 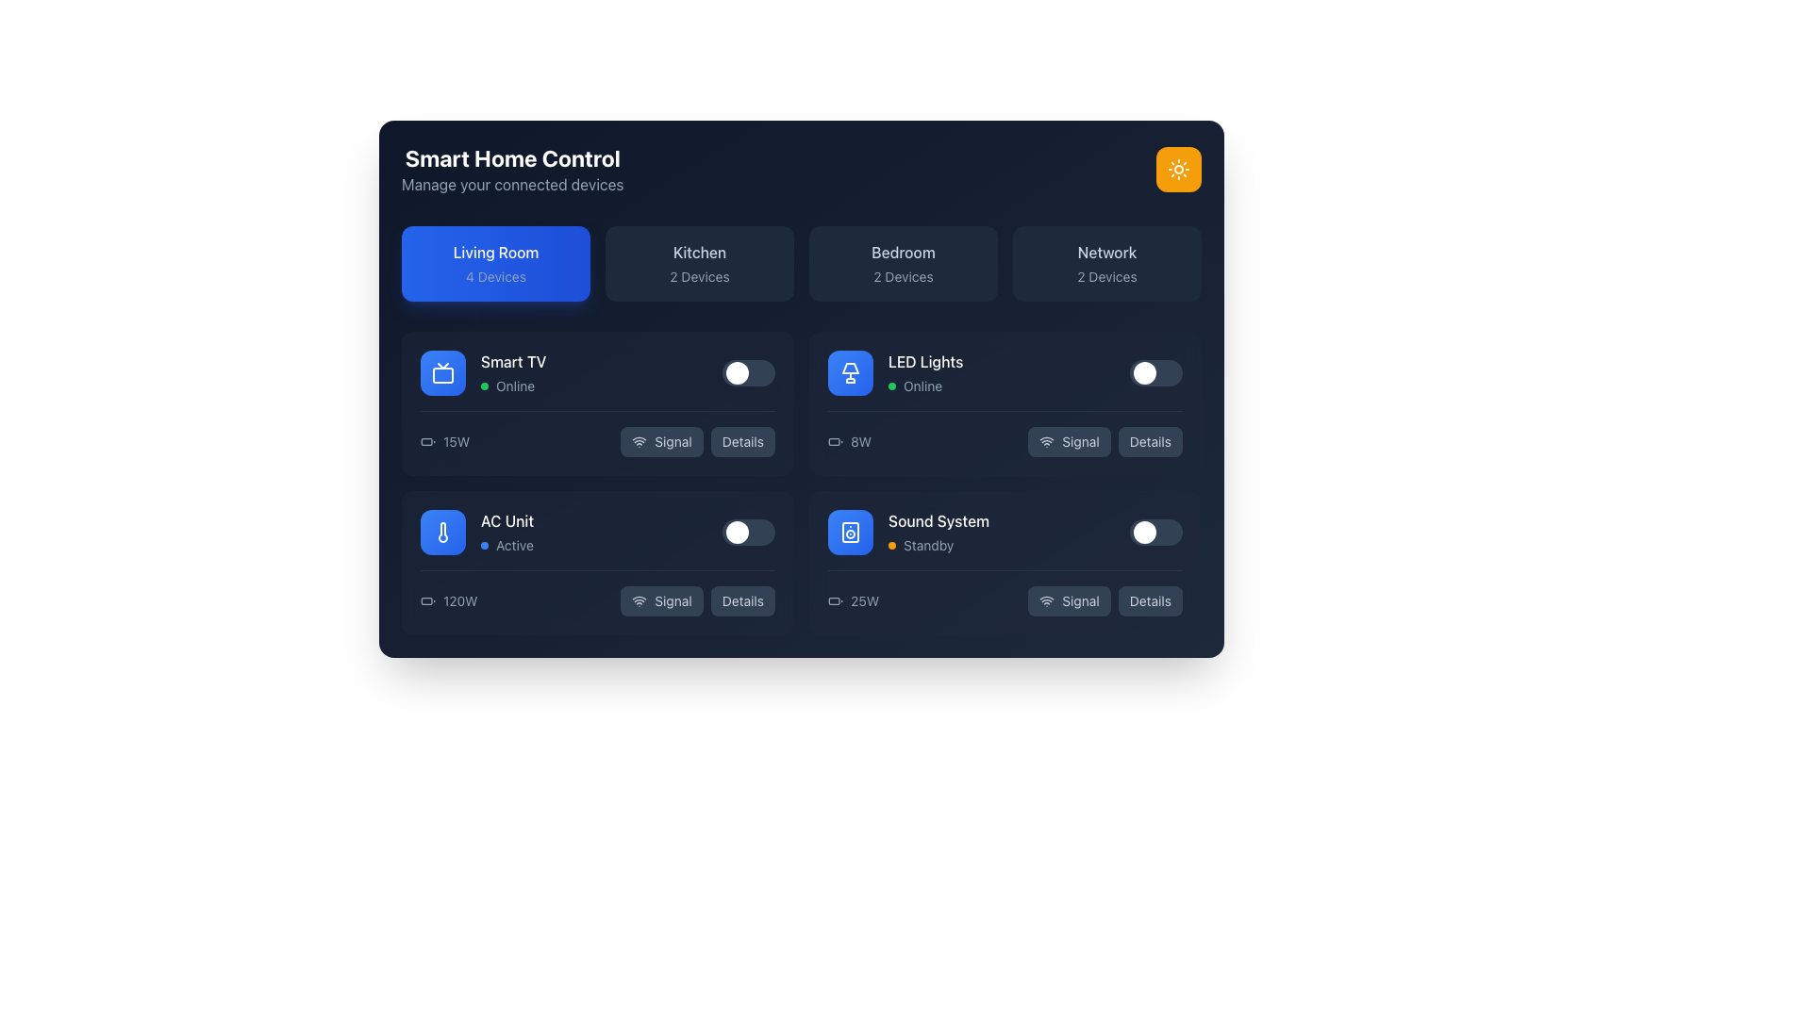 I want to click on the small Wi-Fi signal icon located within the 'Signal' button in the second row, second column of the grid of controls, so click(x=1046, y=442).